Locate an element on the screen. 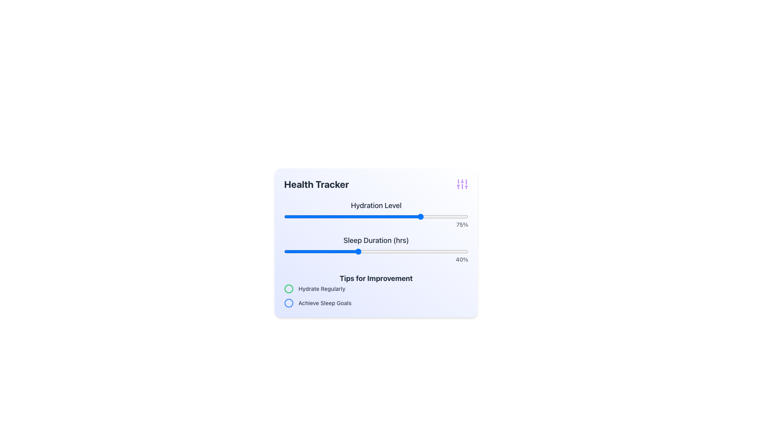 This screenshot has height=428, width=762. the horizontal slider located below the label 'Sleep Duration (hrs)' and above the text '40%' to reposition the thumb control is located at coordinates (376, 252).